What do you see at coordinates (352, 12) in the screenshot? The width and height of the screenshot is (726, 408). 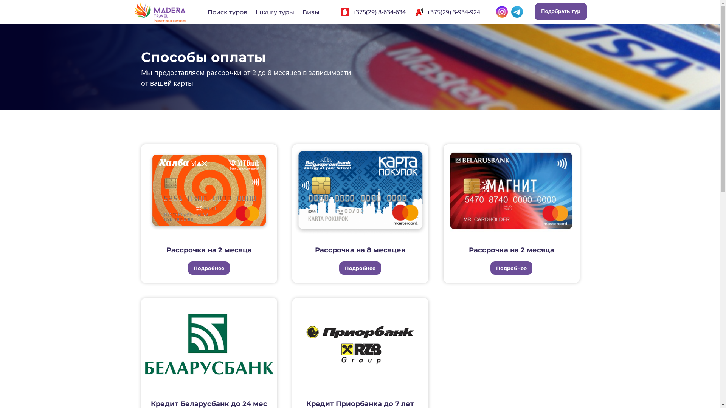 I see `'+375(29) 8-634-634'` at bounding box center [352, 12].